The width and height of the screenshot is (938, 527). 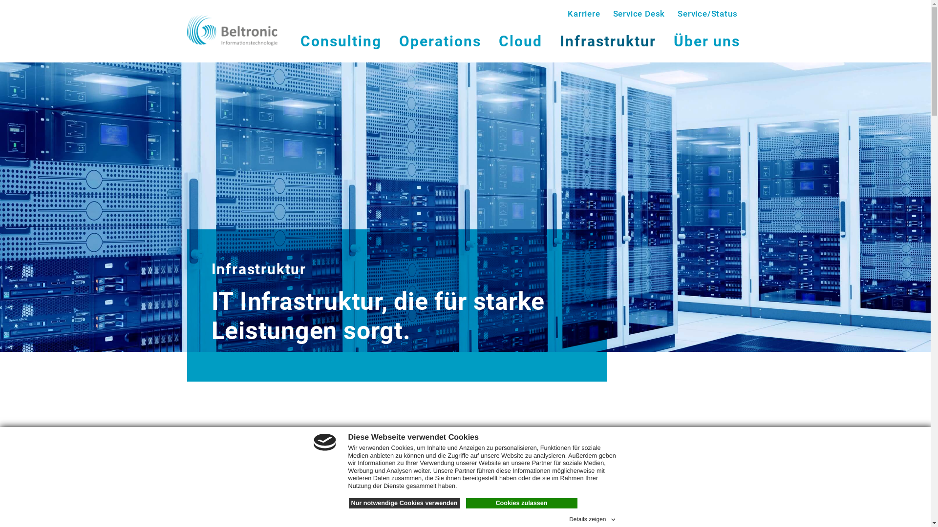 I want to click on 'Details zeigen', so click(x=569, y=517).